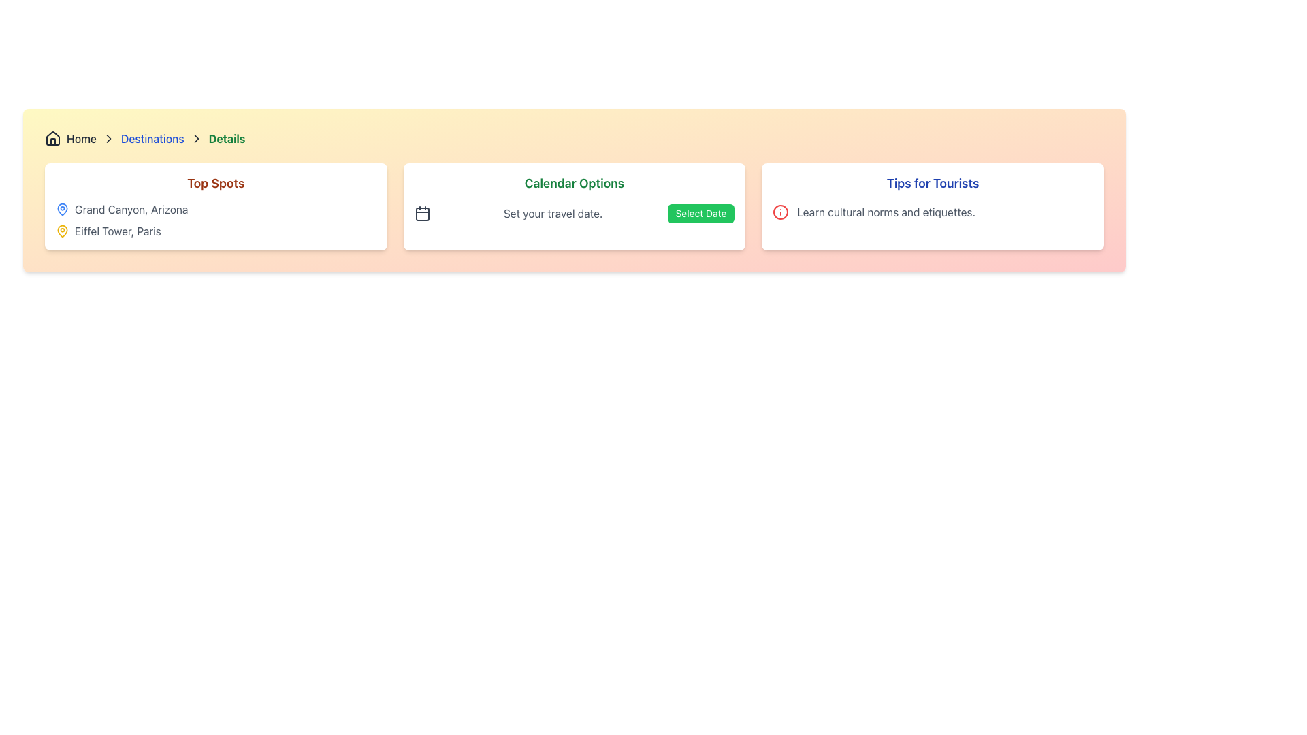 The image size is (1307, 735). Describe the element at coordinates (61, 209) in the screenshot. I see `the blue map pin icon located to the left of the text 'Eiffel Tower, Paris' in the 'Top Spots' section` at that location.